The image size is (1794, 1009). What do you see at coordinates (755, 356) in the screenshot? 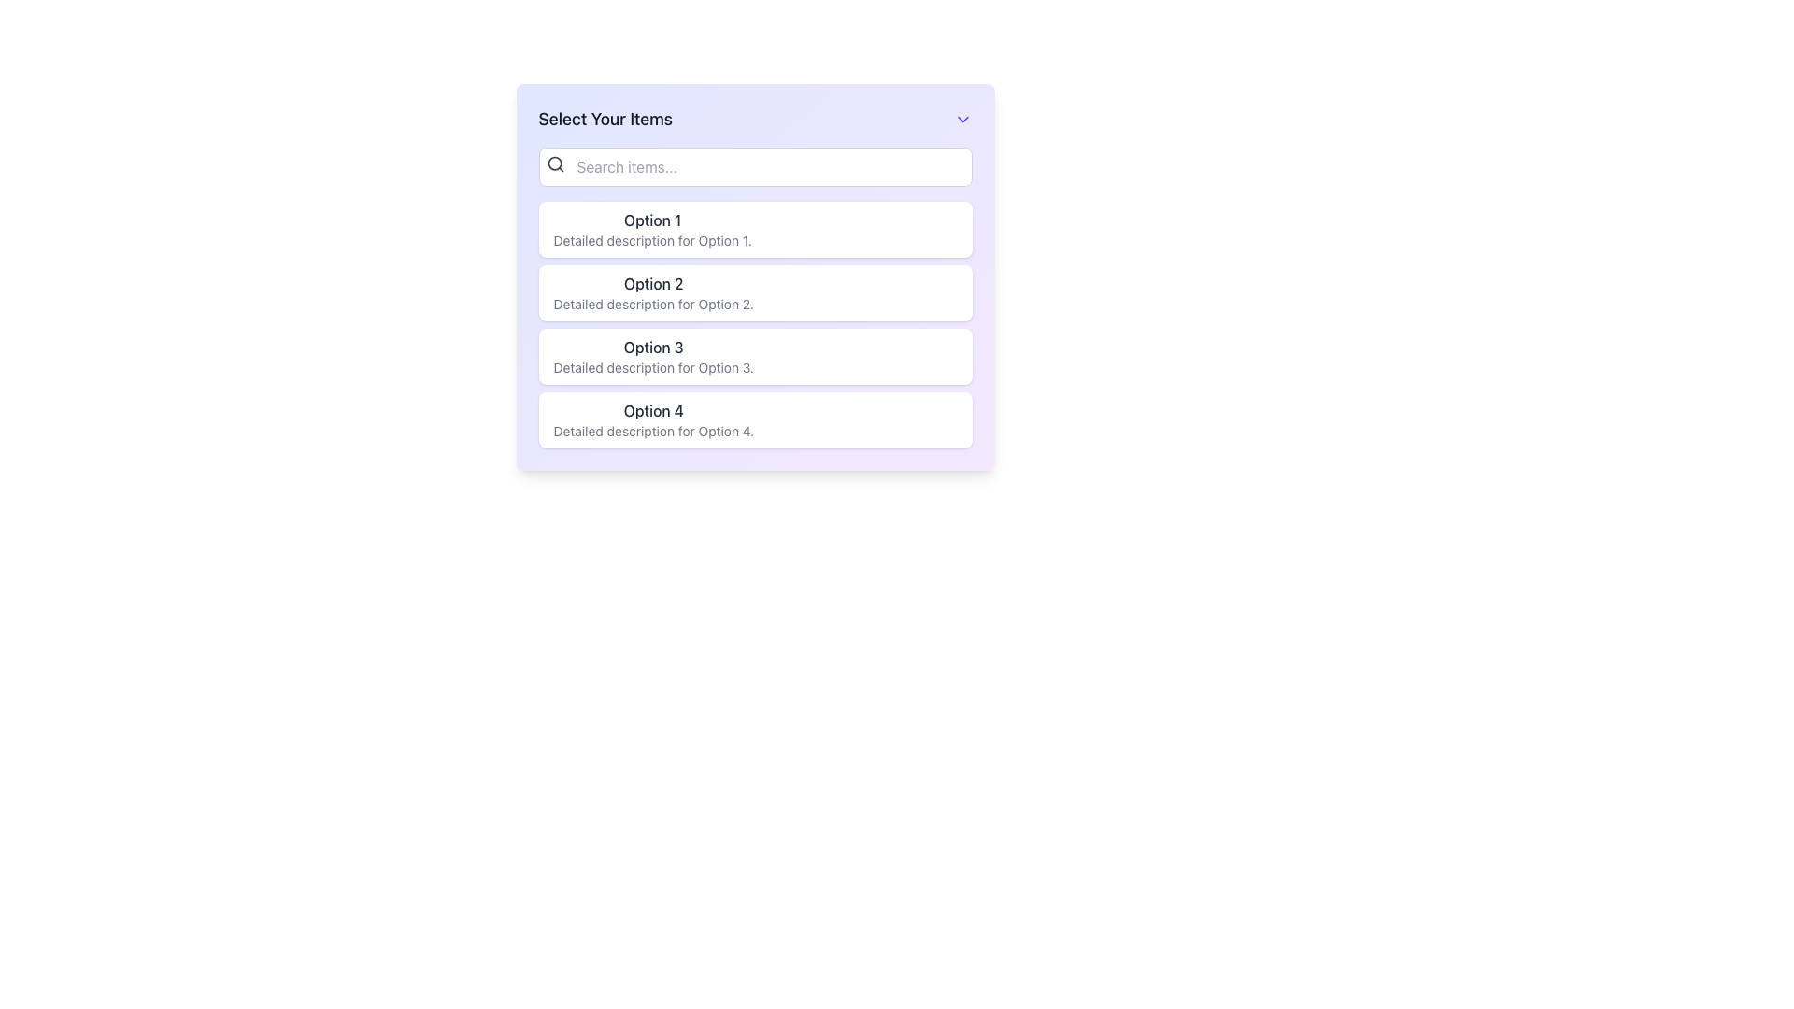
I see `the third list item titled 'Option 3'` at bounding box center [755, 356].